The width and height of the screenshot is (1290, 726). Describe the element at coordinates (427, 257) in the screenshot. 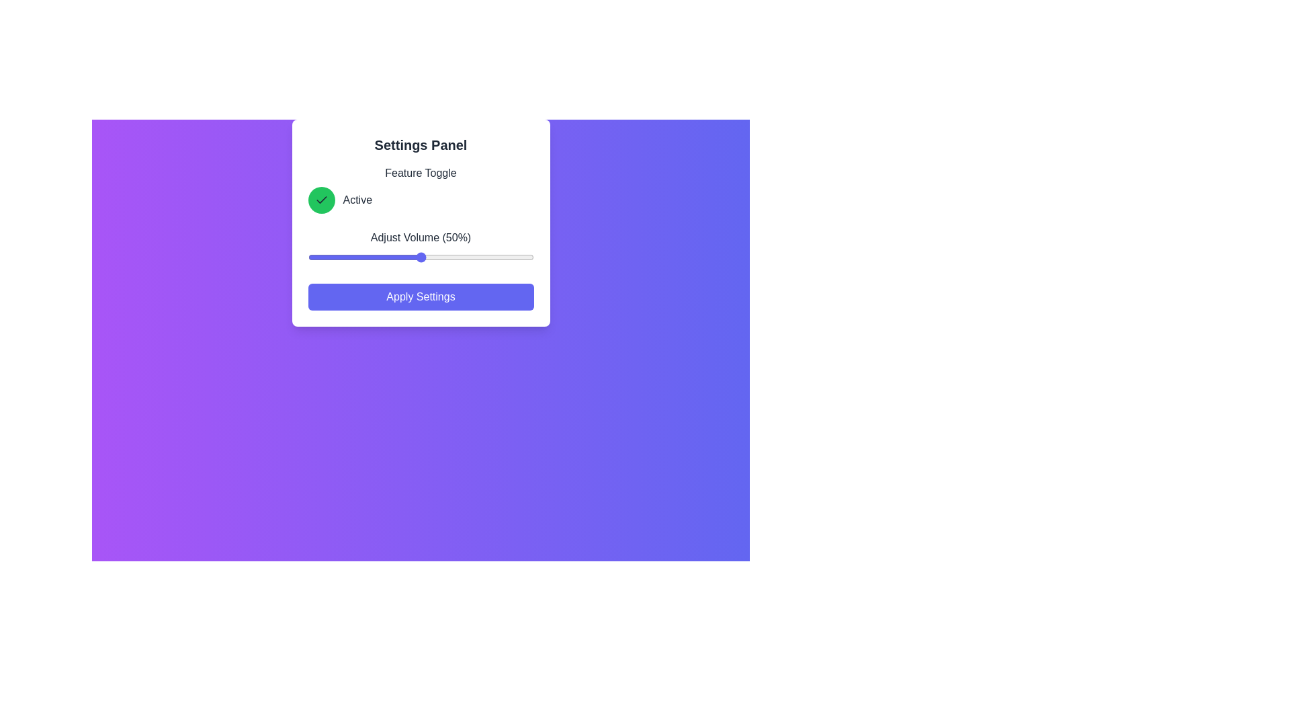

I see `the volume` at that location.